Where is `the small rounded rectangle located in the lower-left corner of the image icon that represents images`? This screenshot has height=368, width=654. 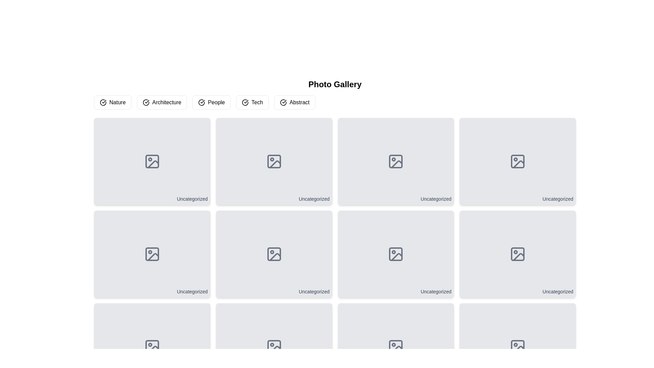 the small rounded rectangle located in the lower-left corner of the image icon that represents images is located at coordinates (396, 347).